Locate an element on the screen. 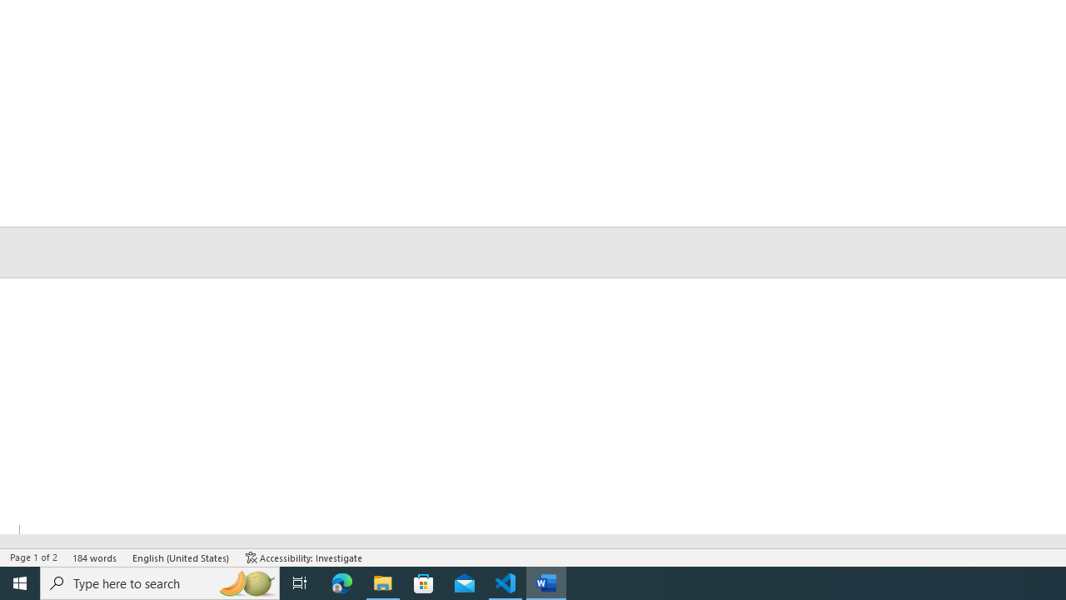  'File Explorer - 1 running window' is located at coordinates (382, 582).